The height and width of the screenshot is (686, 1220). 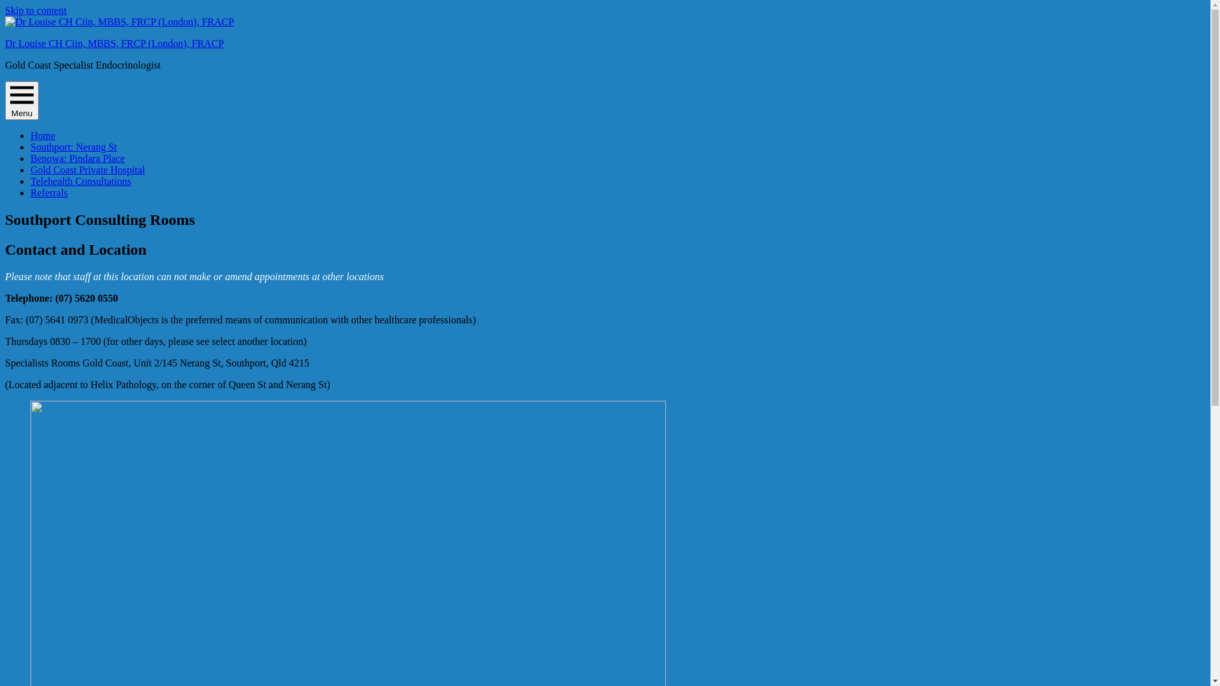 What do you see at coordinates (43, 135) in the screenshot?
I see `'Home'` at bounding box center [43, 135].